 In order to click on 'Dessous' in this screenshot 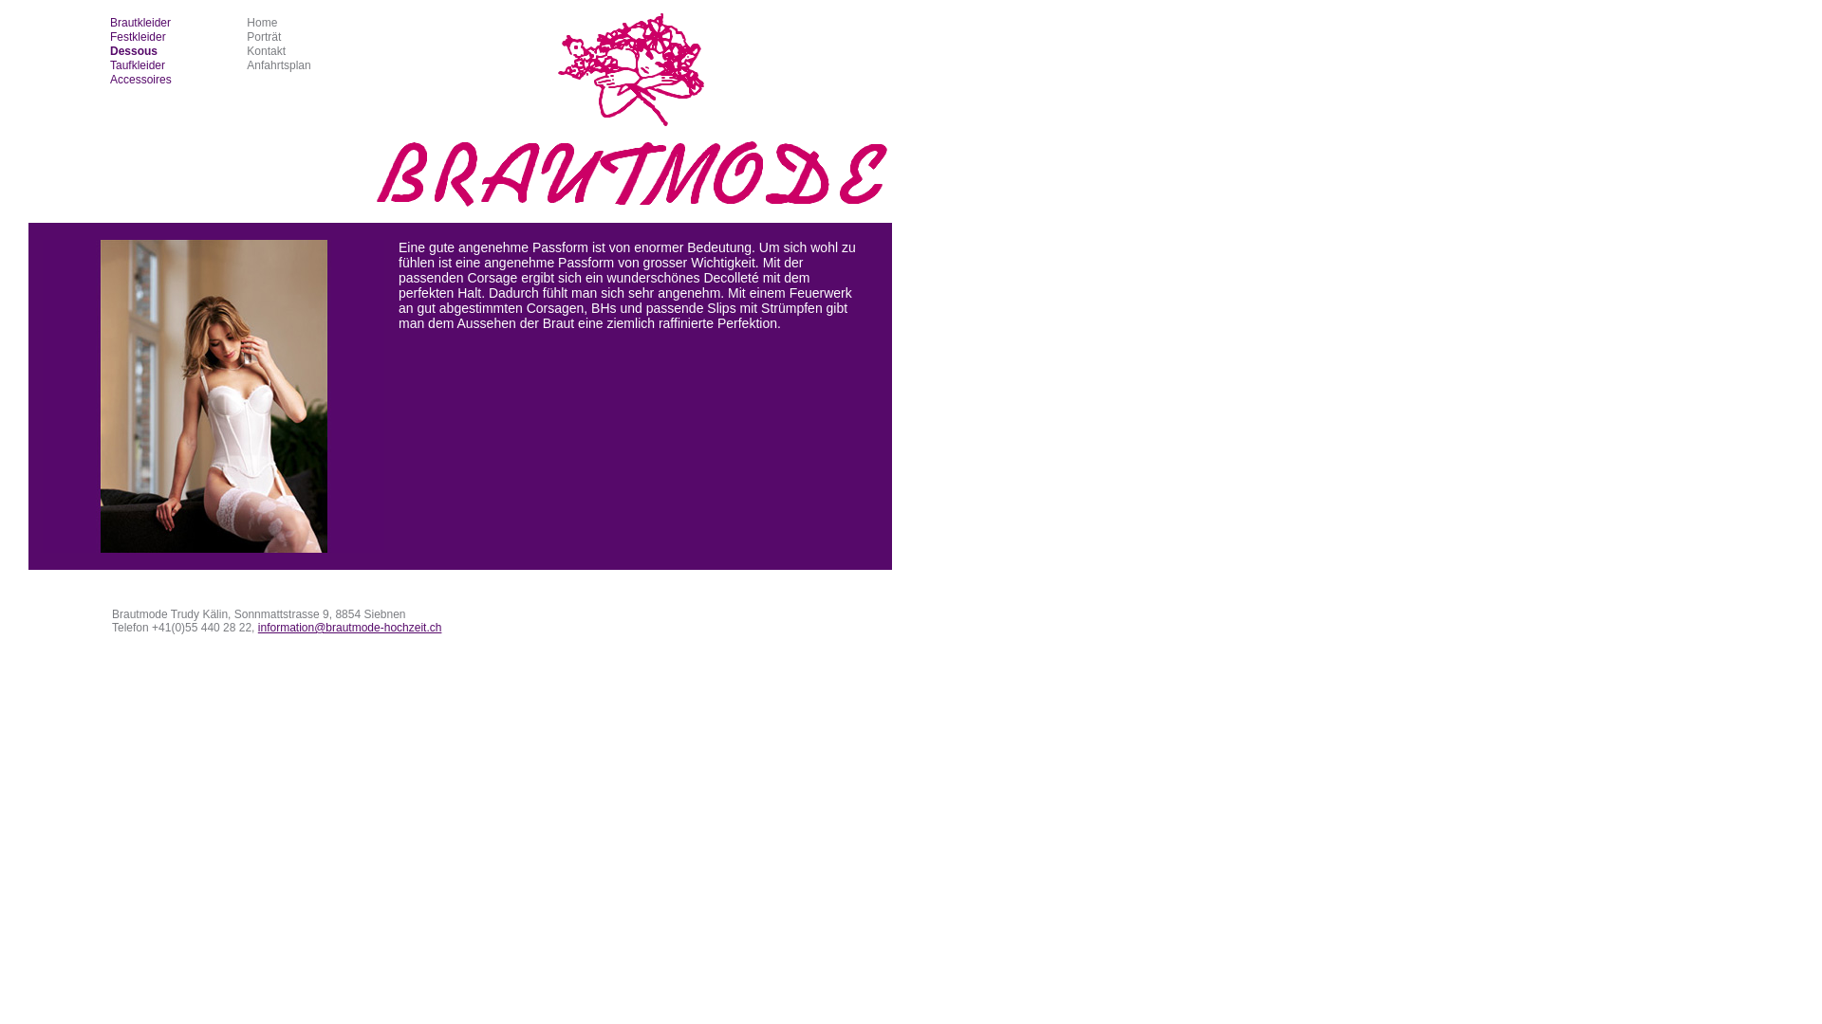, I will do `click(108, 50)`.